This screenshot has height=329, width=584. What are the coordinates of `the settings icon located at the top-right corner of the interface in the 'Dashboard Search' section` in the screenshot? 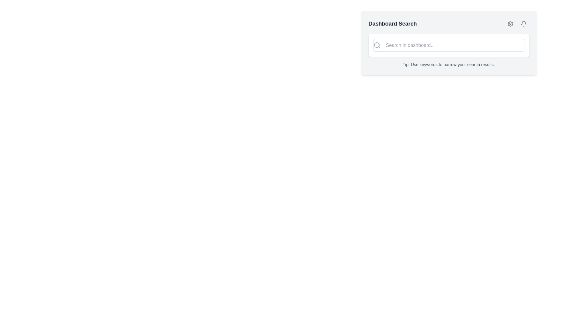 It's located at (510, 23).